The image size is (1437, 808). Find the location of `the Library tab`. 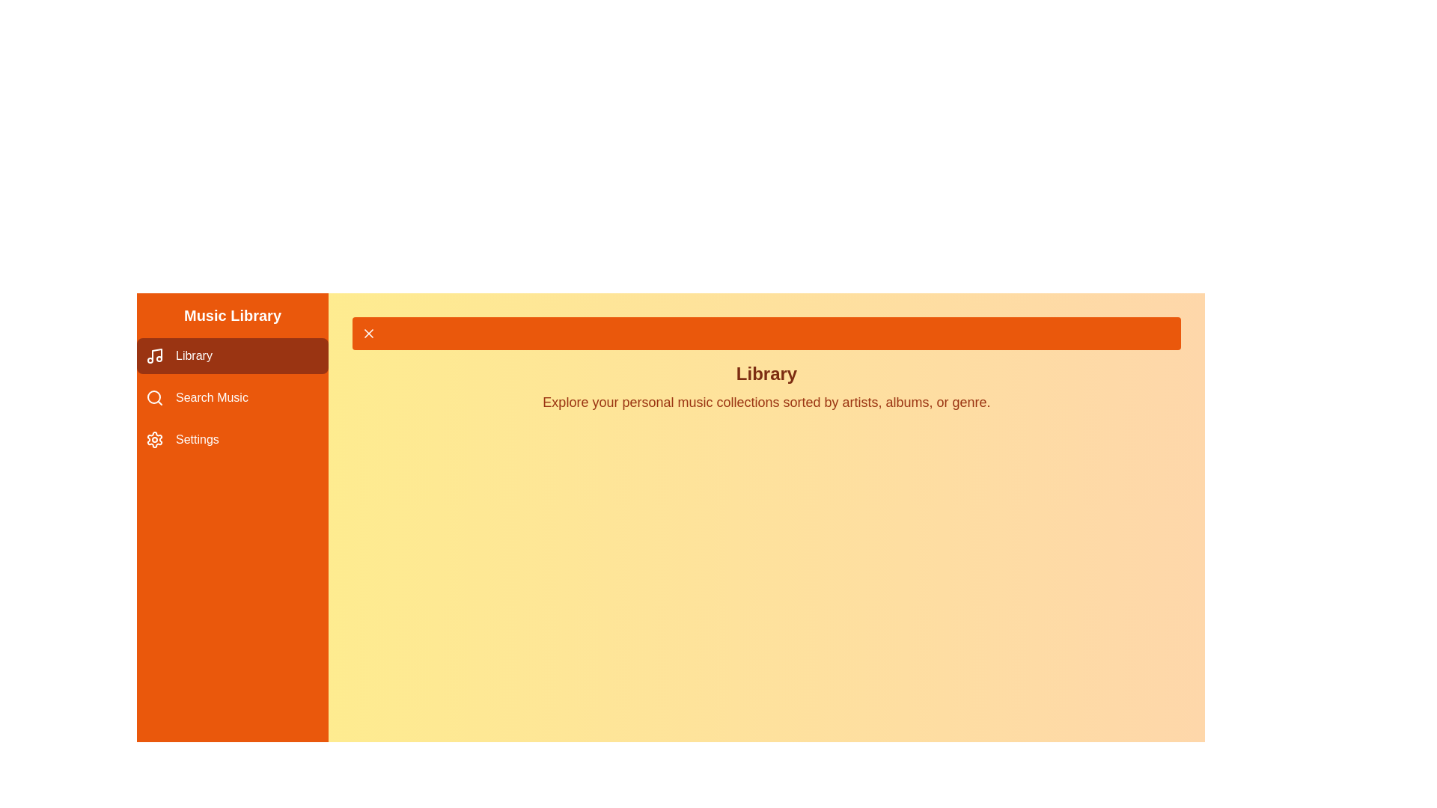

the Library tab is located at coordinates (232, 355).